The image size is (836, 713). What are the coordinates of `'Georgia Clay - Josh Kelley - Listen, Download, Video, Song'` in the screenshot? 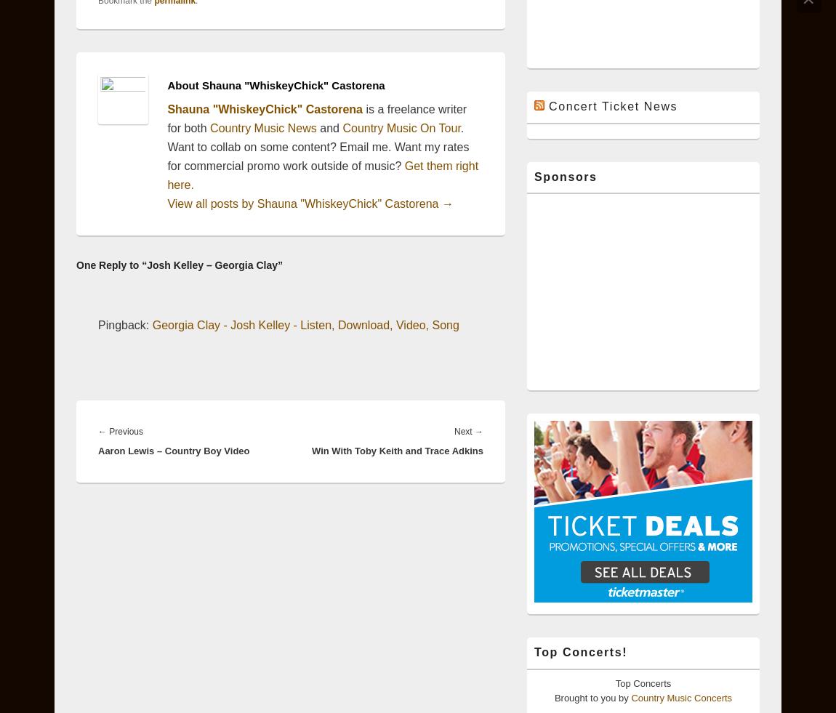 It's located at (150, 324).